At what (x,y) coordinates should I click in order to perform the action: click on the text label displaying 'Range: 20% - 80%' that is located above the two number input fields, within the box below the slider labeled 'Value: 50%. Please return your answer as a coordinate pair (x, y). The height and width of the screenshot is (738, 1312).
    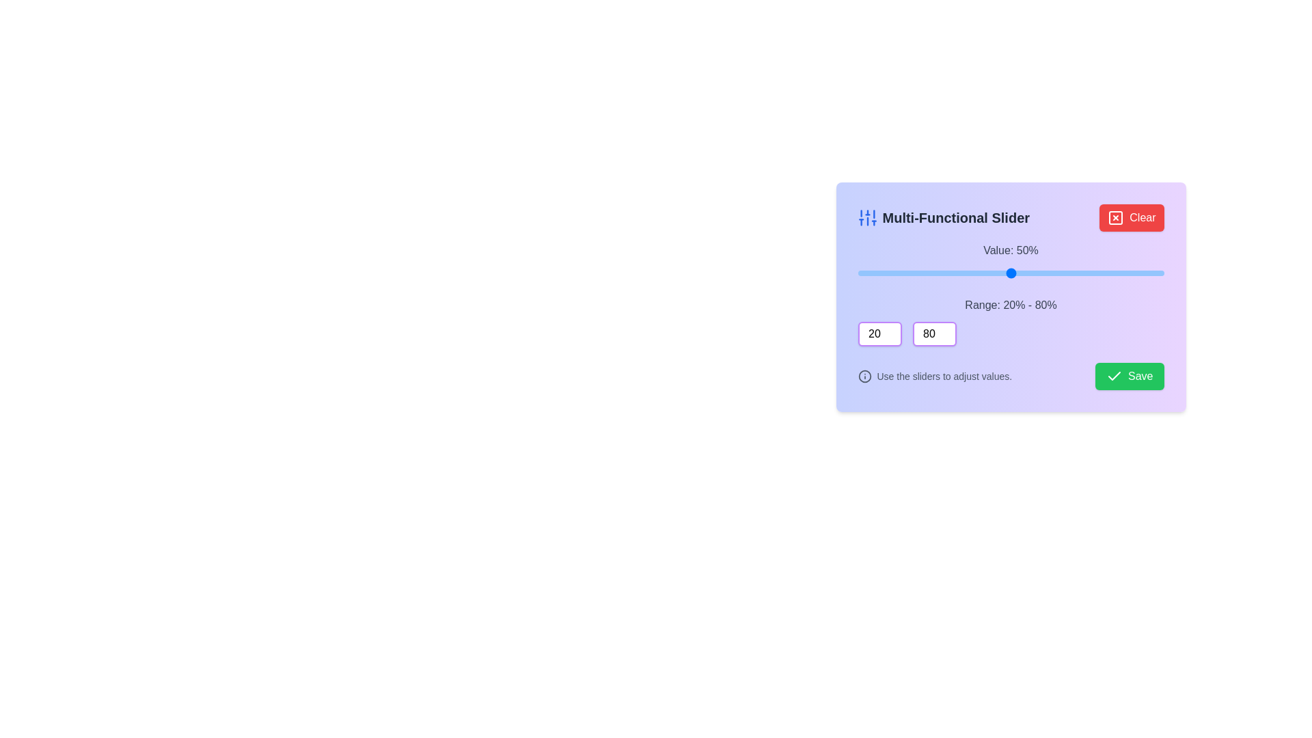
    Looking at the image, I should click on (1011, 321).